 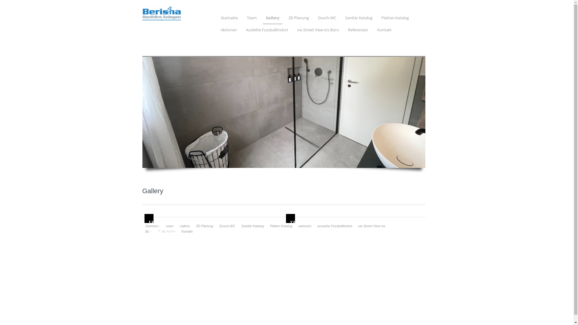 I want to click on 'Dusch-WC', so click(x=327, y=19).